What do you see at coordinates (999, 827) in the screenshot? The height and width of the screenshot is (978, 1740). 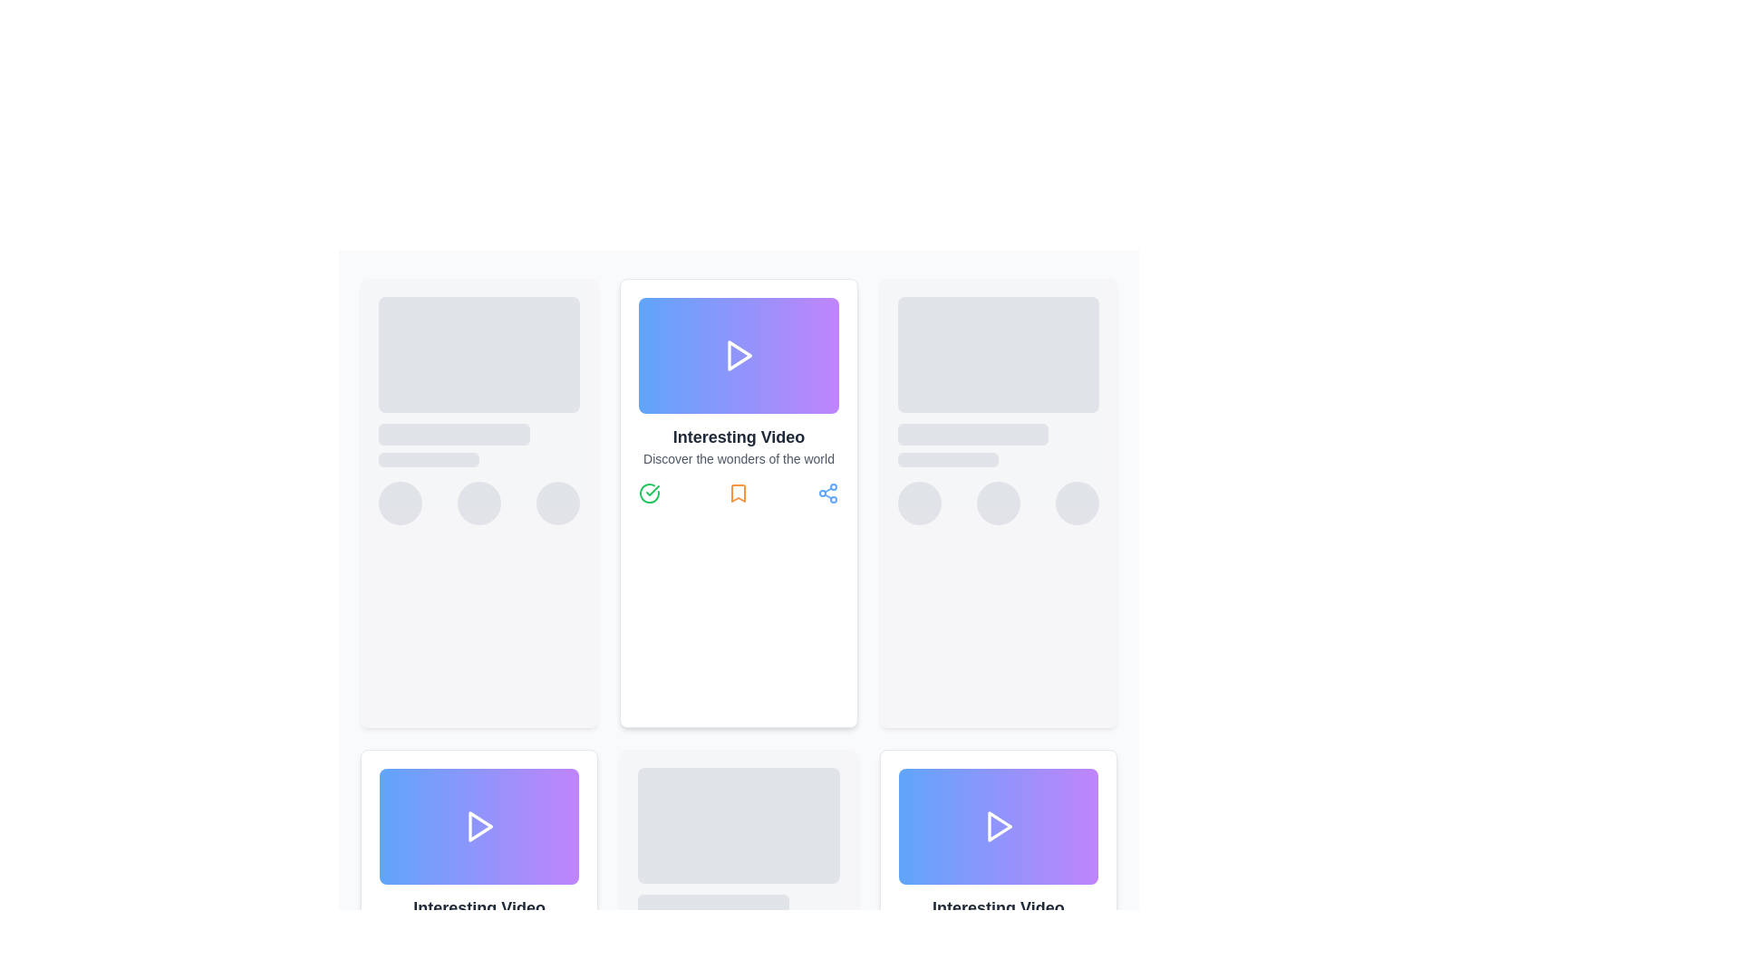 I see `the play button icon located at the center of the video thumbnail, which is positioned in the bottom row, second from the right of a grid layout` at bounding box center [999, 827].